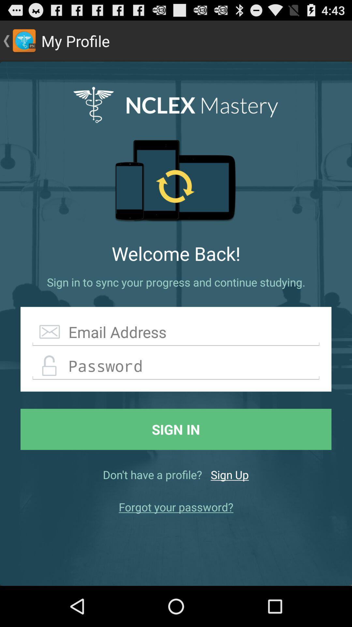 Image resolution: width=352 pixels, height=627 pixels. What do you see at coordinates (229, 474) in the screenshot?
I see `item above the forgot your password? item` at bounding box center [229, 474].